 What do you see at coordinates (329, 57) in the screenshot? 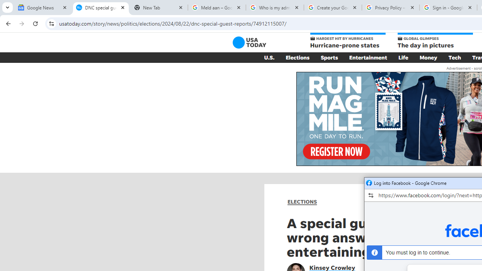
I see `'Sports'` at bounding box center [329, 57].